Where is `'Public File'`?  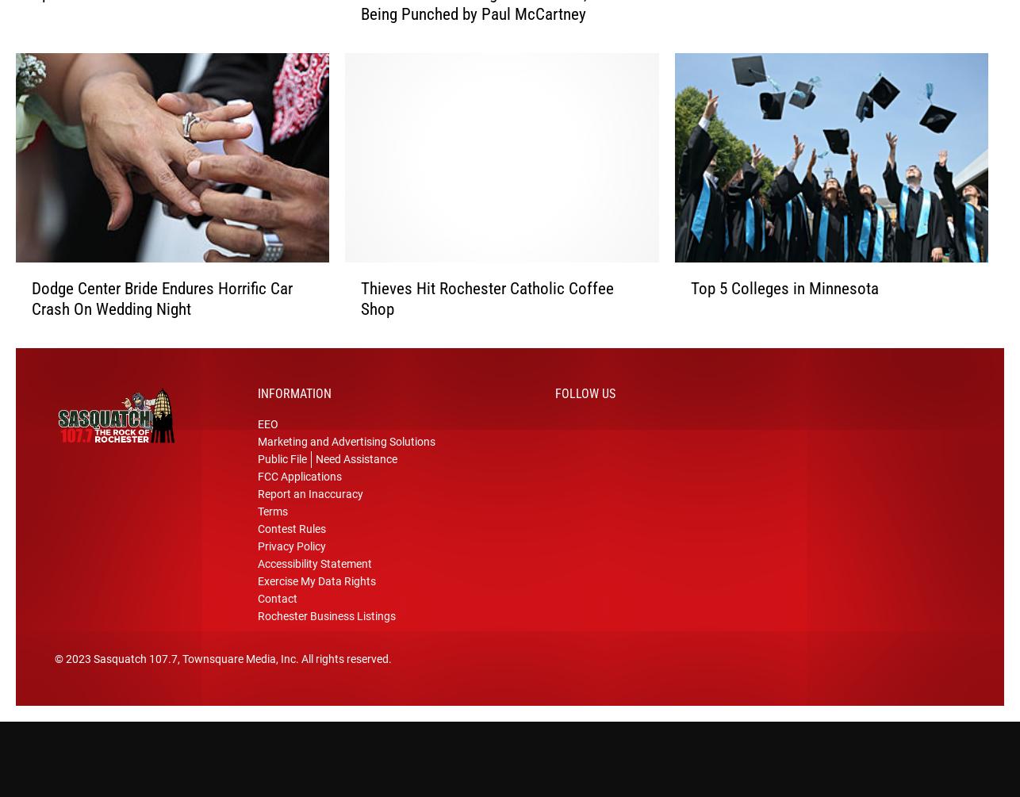
'Public File' is located at coordinates (256, 465).